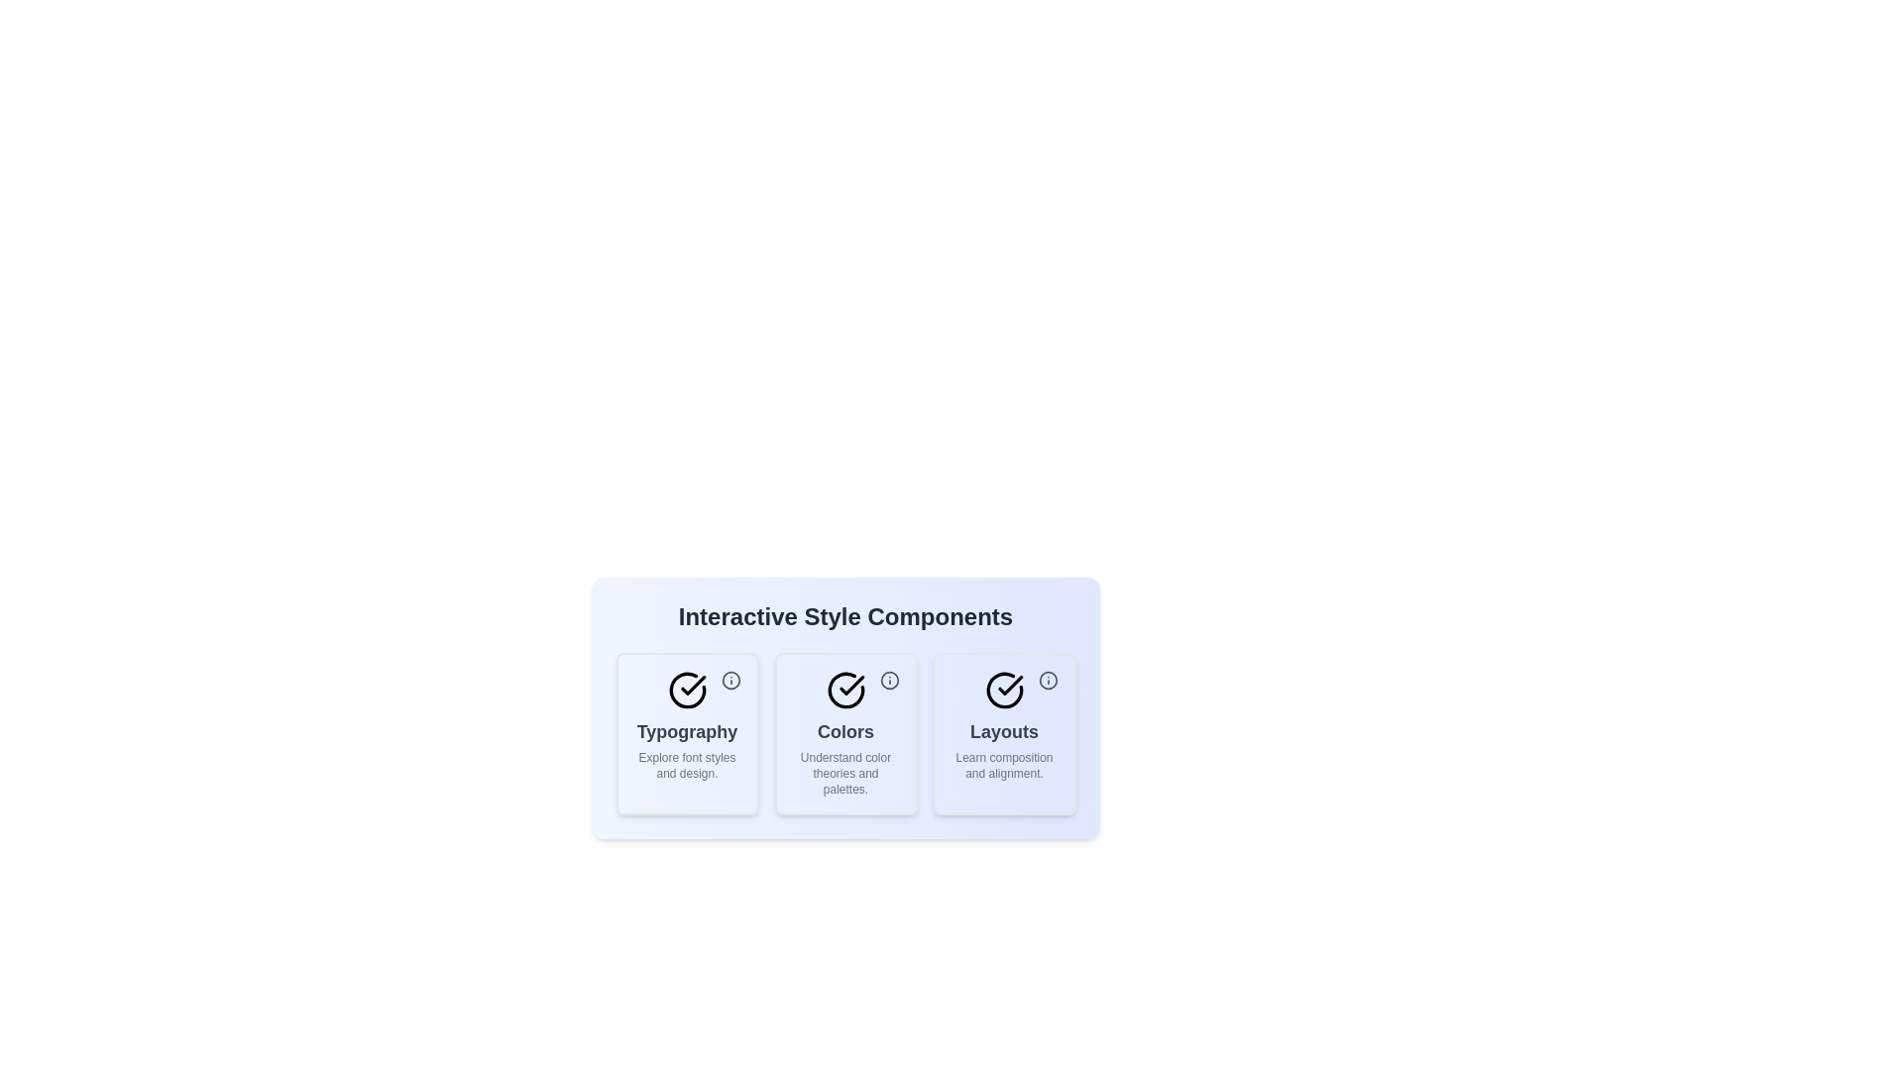 The image size is (1903, 1070). Describe the element at coordinates (888, 679) in the screenshot. I see `the icon within the chip labeled 'Colors'` at that location.